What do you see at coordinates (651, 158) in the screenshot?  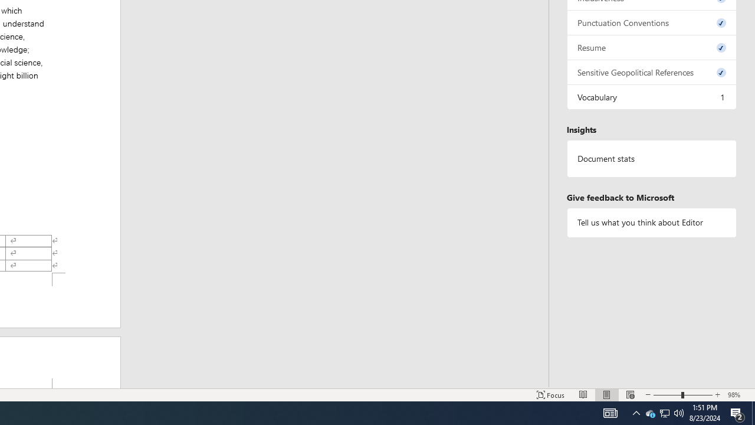 I see `'Document statistics'` at bounding box center [651, 158].